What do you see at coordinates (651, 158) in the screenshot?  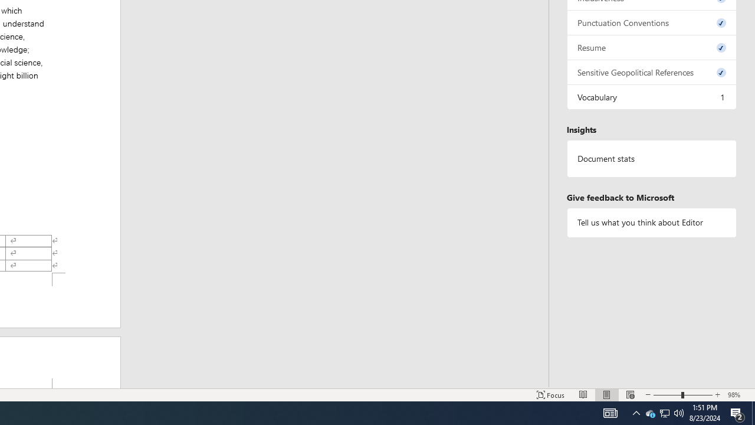 I see `'Document statistics'` at bounding box center [651, 158].